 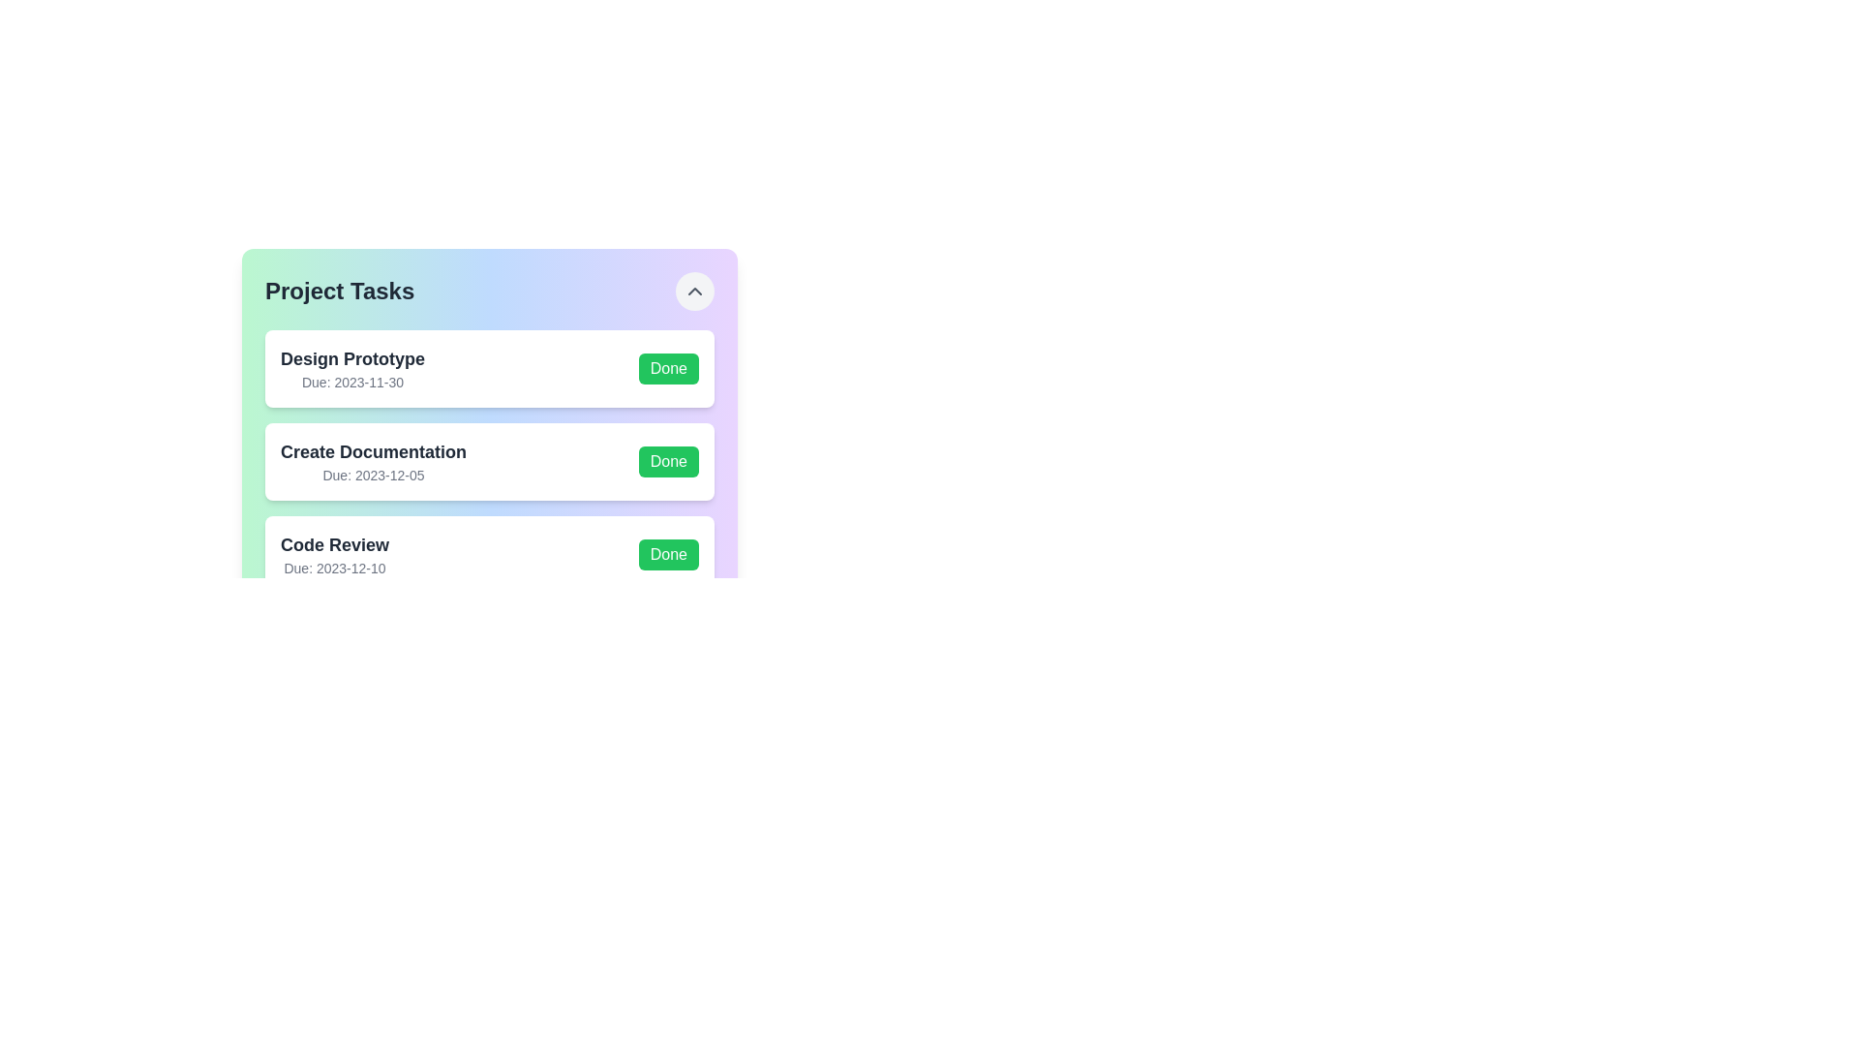 I want to click on 'Done' button for the task 'Create Documentation', so click(x=668, y=462).